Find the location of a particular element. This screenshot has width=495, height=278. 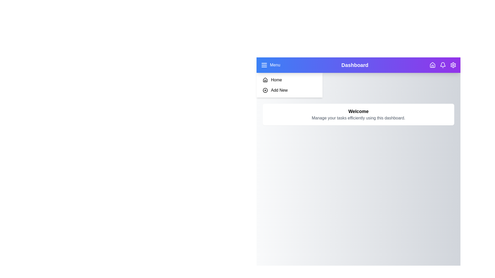

the 'Bell' icon to access notifications is located at coordinates (443, 65).